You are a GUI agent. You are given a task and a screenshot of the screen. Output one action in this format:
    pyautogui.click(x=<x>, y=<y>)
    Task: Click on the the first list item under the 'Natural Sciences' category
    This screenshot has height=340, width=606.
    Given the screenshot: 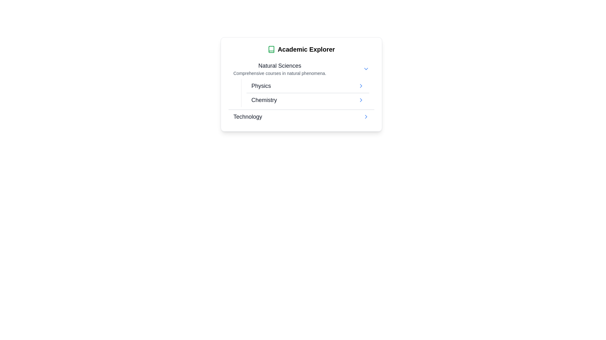 What is the action you would take?
    pyautogui.click(x=307, y=86)
    